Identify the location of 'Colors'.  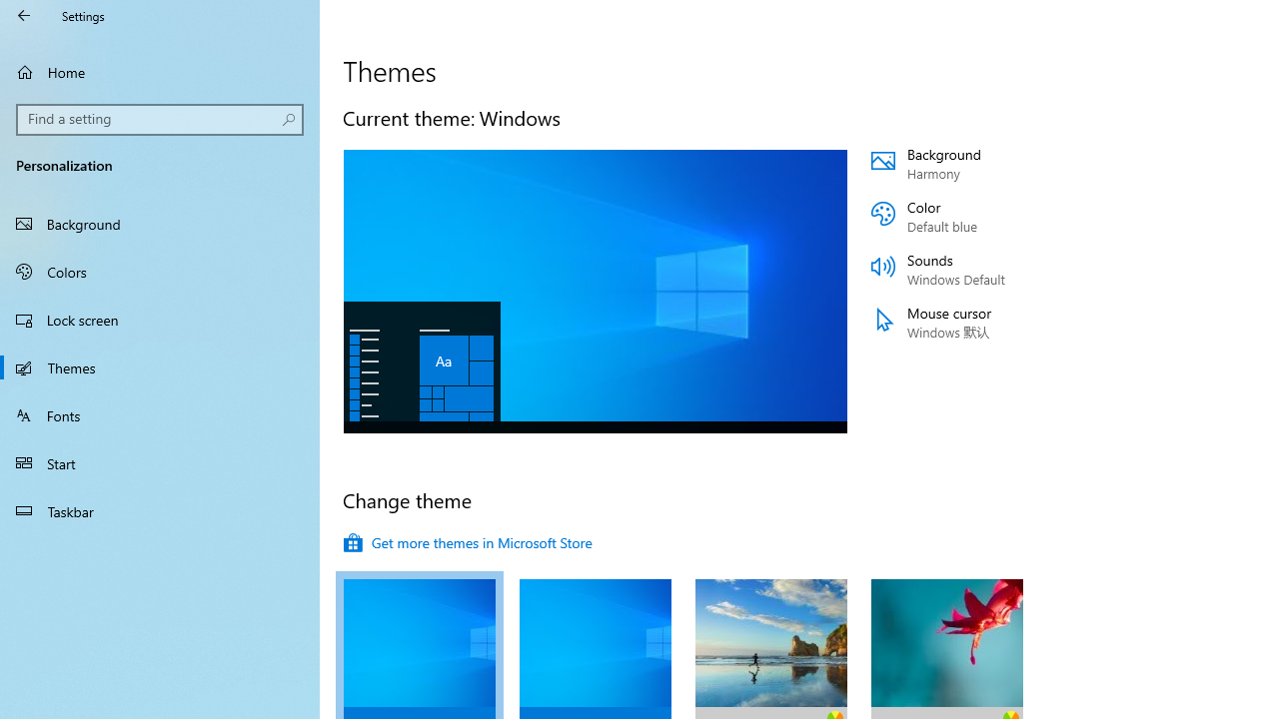
(160, 271).